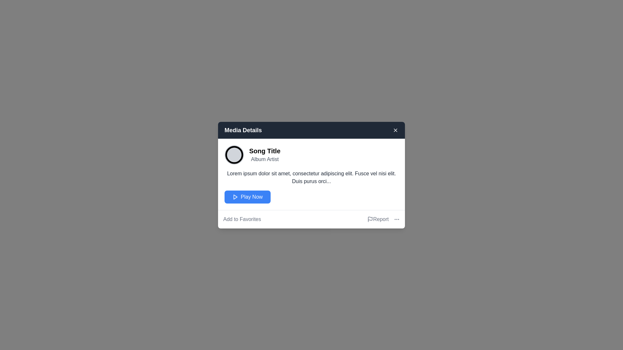  What do you see at coordinates (397, 219) in the screenshot?
I see `the button represented by three circular dots located at the bottom-right corner of the modal dialog box` at bounding box center [397, 219].